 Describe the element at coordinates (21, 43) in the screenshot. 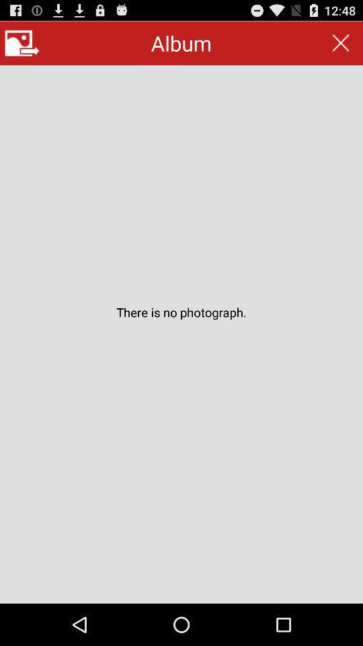

I see `next photo` at that location.